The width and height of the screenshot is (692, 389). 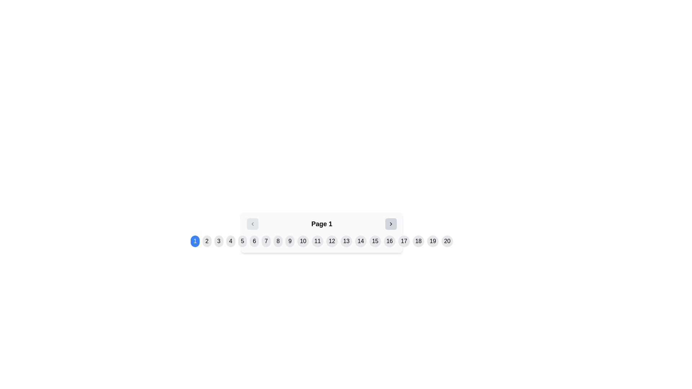 What do you see at coordinates (390, 223) in the screenshot?
I see `the pagination control button located to the right of the current page label ('Page 1')` at bounding box center [390, 223].